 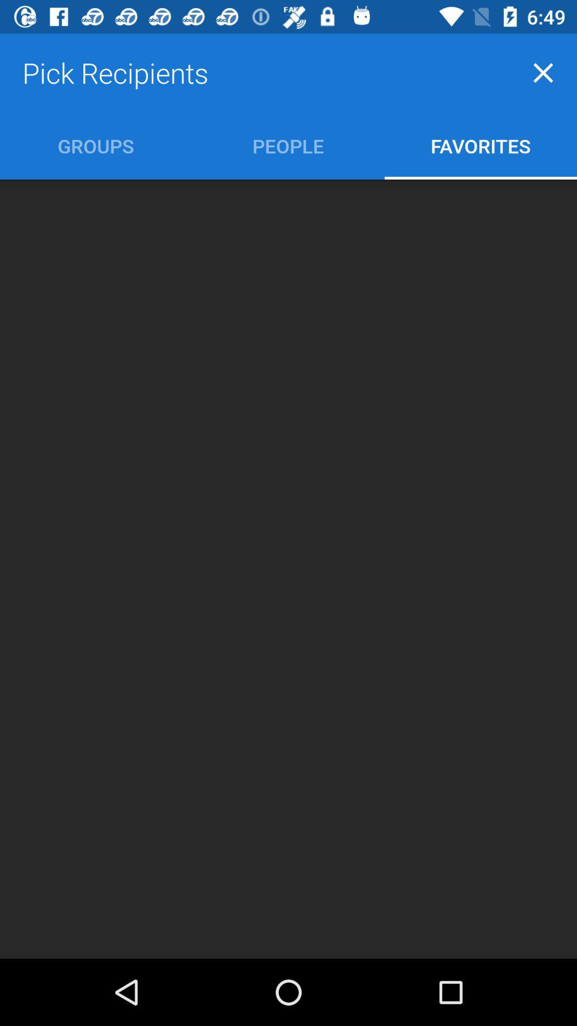 I want to click on icon next to the pick recipients icon, so click(x=543, y=72).